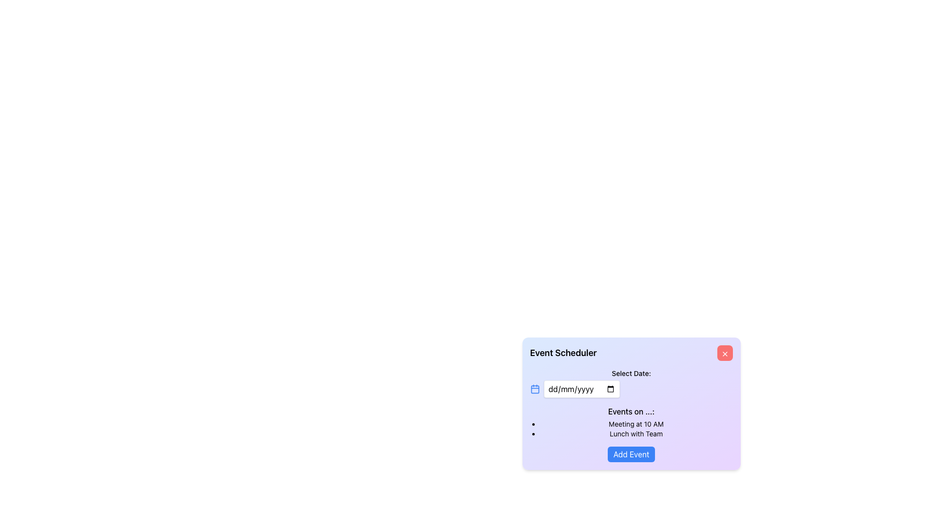  What do you see at coordinates (725, 354) in the screenshot?
I see `the close button located at the top-right corner of the 'Event Scheduler' card` at bounding box center [725, 354].